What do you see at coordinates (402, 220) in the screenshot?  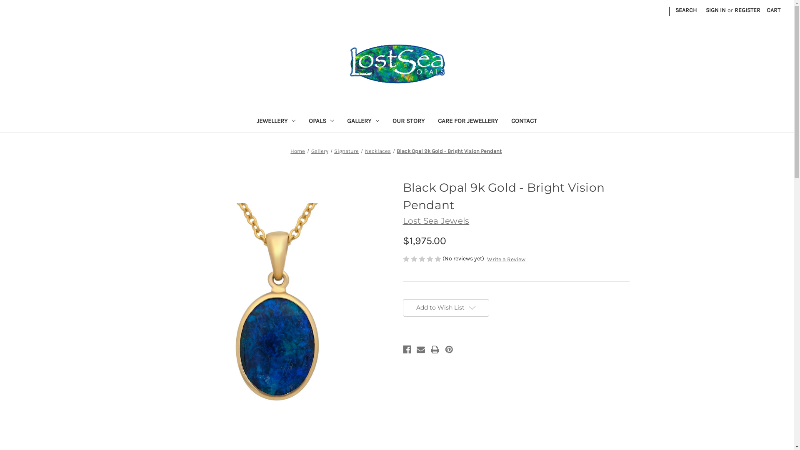 I see `'Lost Sea Jewels'` at bounding box center [402, 220].